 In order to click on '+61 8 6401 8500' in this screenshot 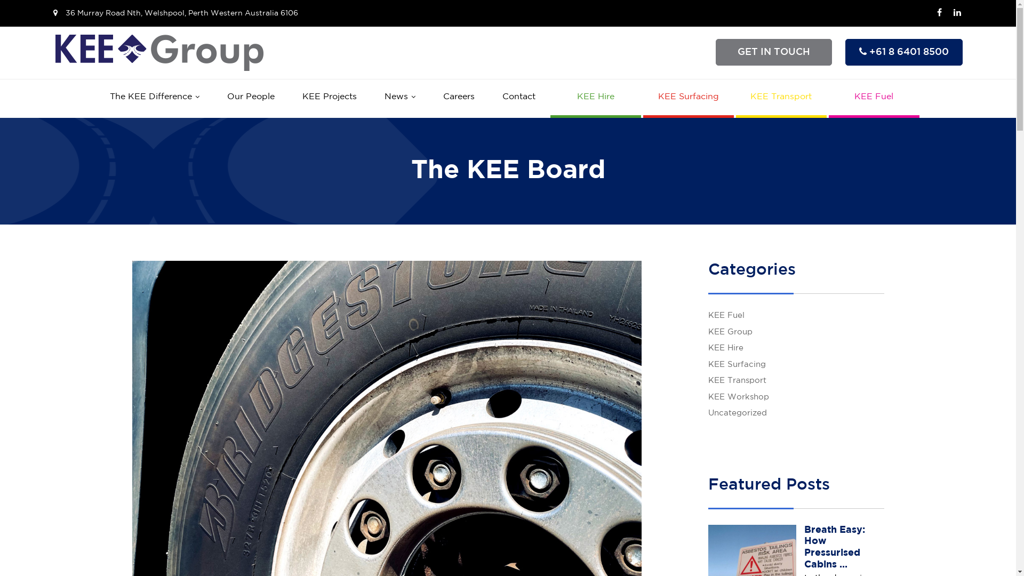, I will do `click(844, 52)`.